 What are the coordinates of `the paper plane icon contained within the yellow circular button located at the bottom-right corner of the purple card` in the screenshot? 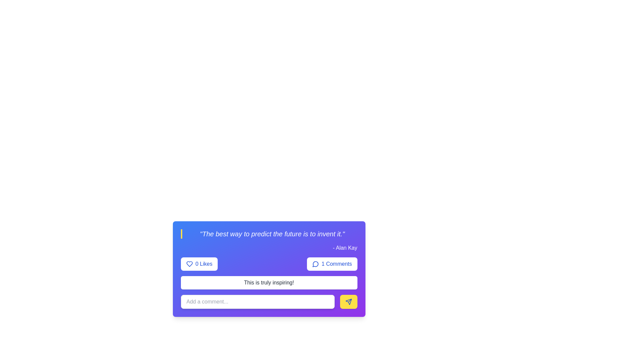 It's located at (348, 302).